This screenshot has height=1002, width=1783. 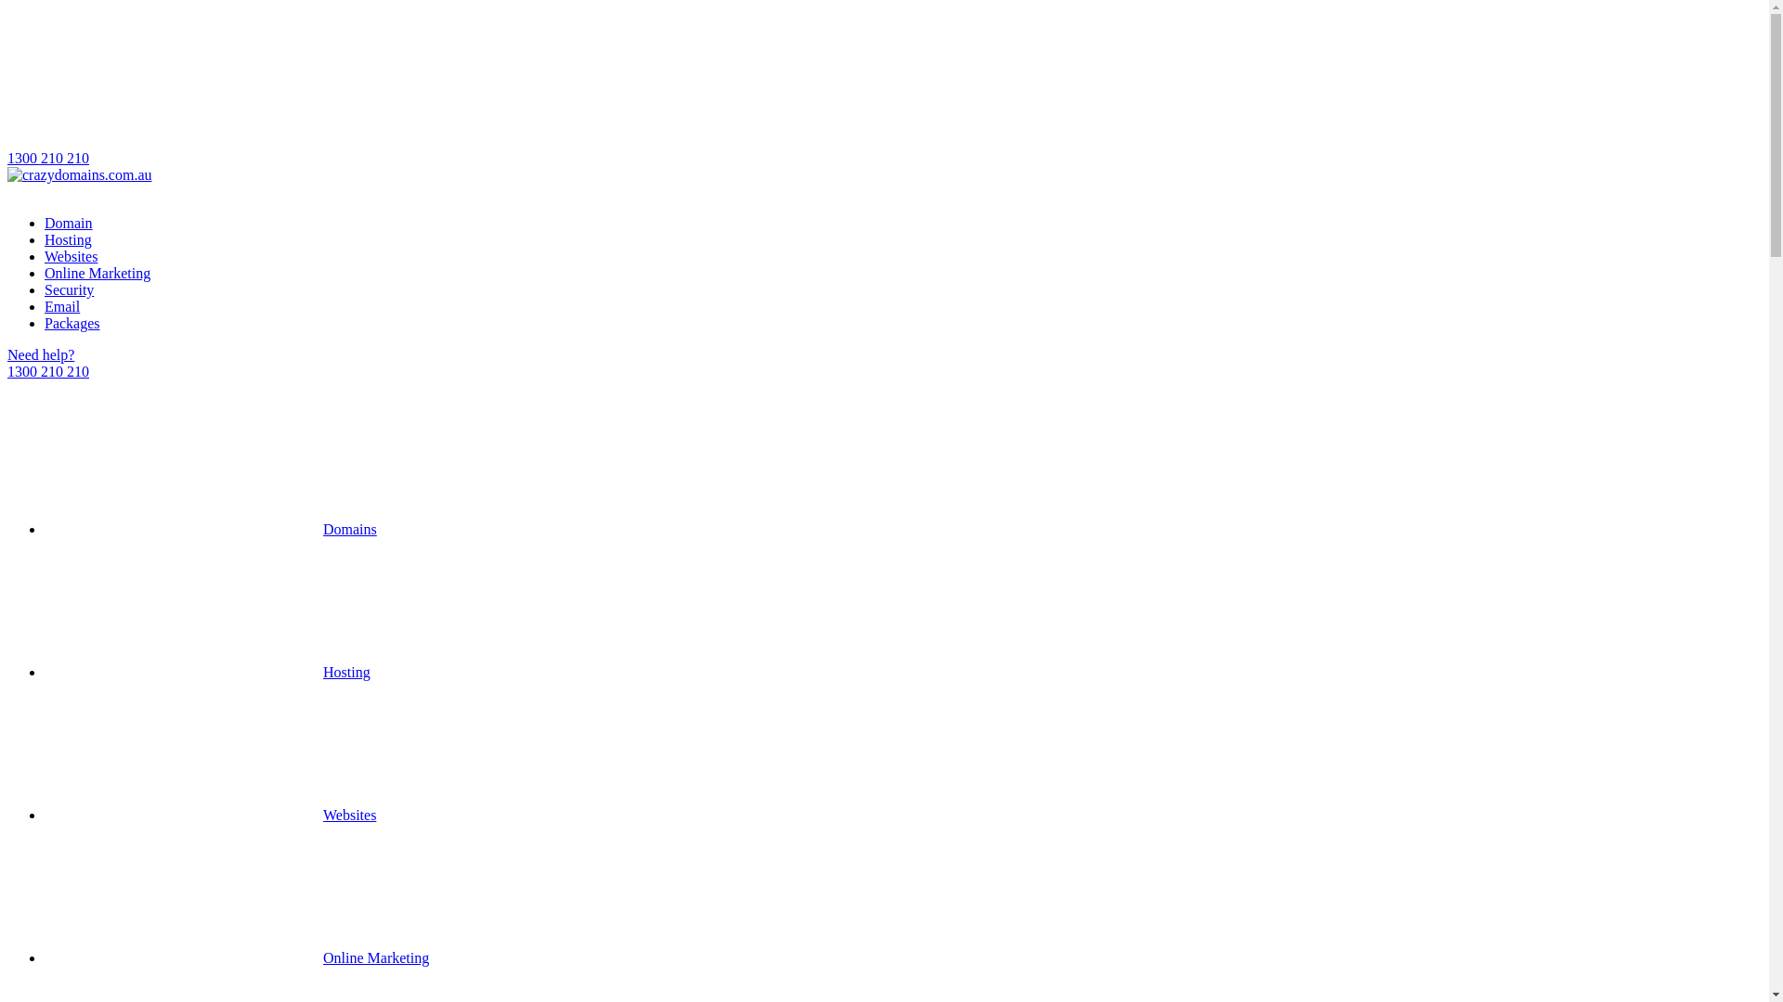 What do you see at coordinates (235, 957) in the screenshot?
I see `'Online Marketing'` at bounding box center [235, 957].